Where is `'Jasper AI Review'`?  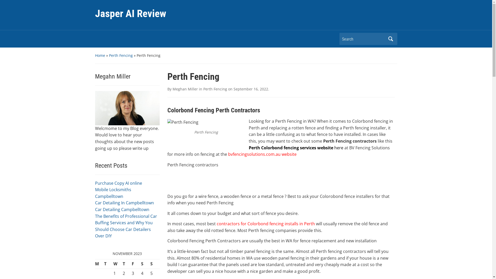 'Jasper AI Review' is located at coordinates (130, 13).